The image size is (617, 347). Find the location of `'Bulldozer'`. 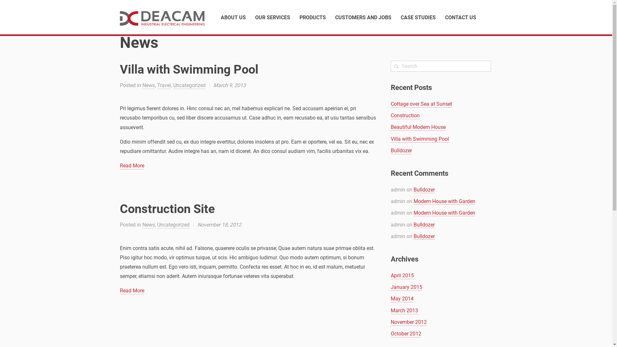

'Bulldozer' is located at coordinates (424, 189).